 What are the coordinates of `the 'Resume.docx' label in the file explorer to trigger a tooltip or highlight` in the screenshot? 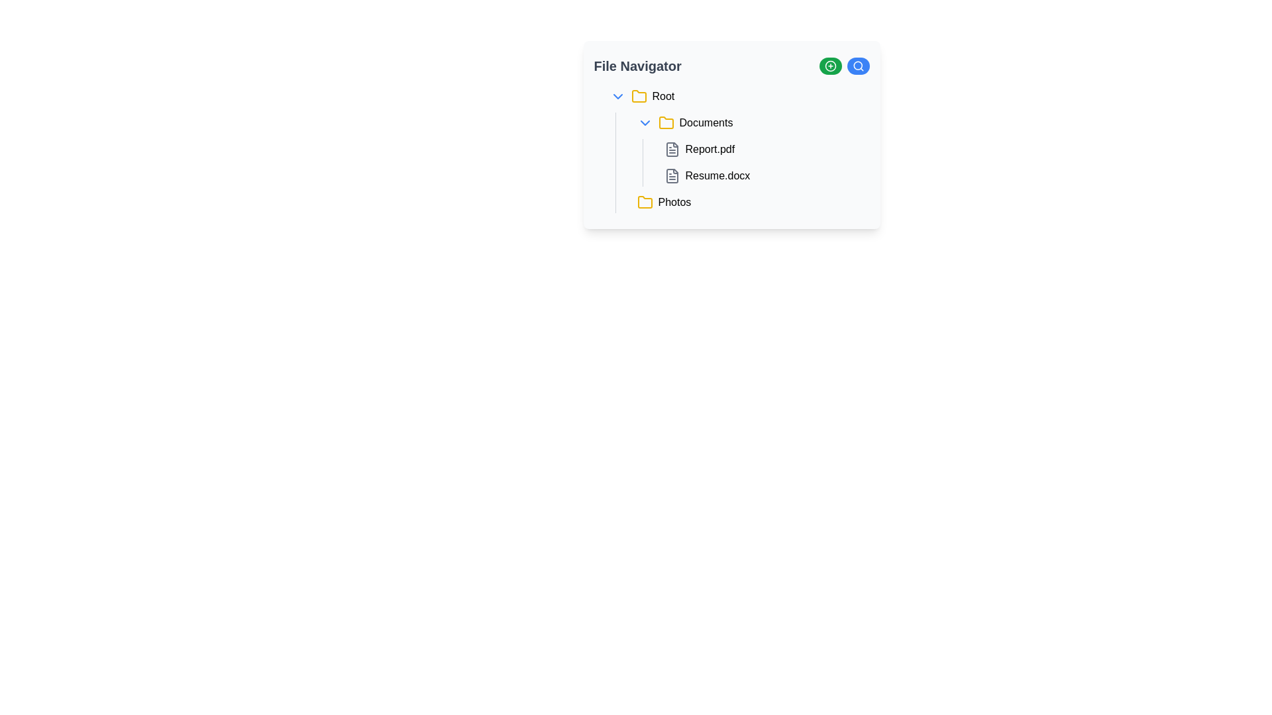 It's located at (717, 175).